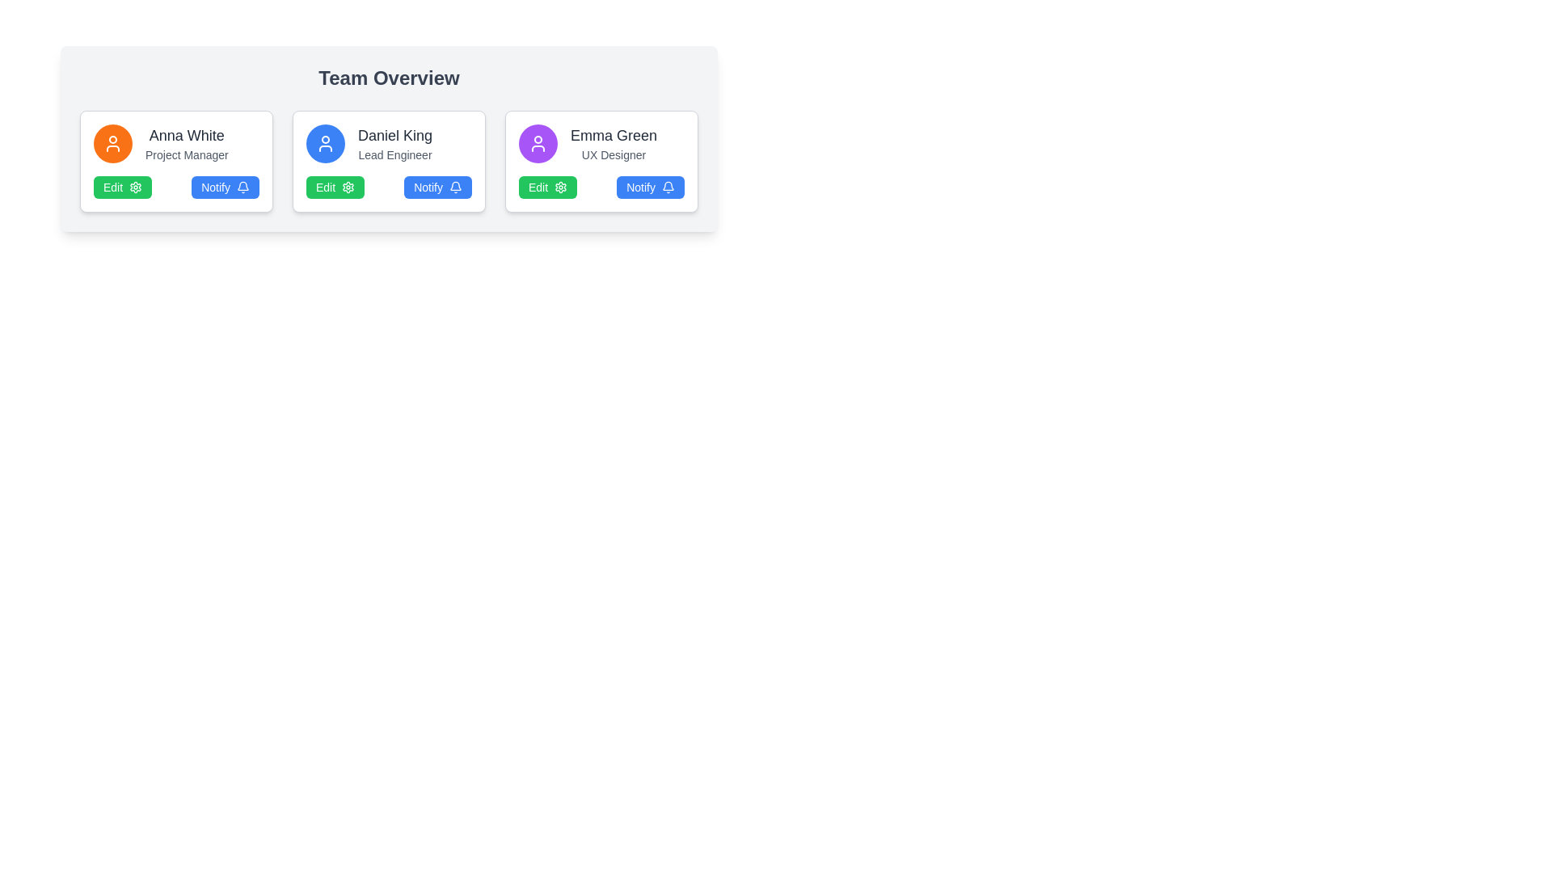 Image resolution: width=1552 pixels, height=873 pixels. I want to click on the user profile icon which is an outline of a person in white on an orange circular background, located at the top center of the first user profile card for 'Anna White, Project Manager', so click(112, 142).